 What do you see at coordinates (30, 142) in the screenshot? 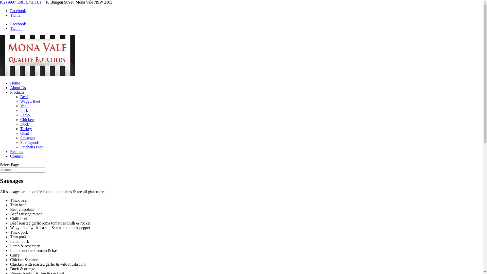
I see `'Smallgoods'` at bounding box center [30, 142].